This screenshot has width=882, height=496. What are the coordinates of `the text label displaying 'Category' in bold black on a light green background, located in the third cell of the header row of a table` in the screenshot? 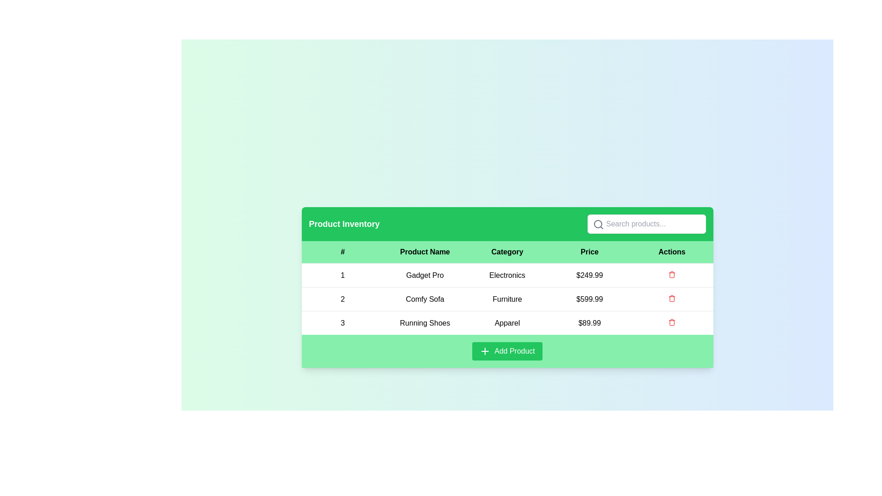 It's located at (507, 252).